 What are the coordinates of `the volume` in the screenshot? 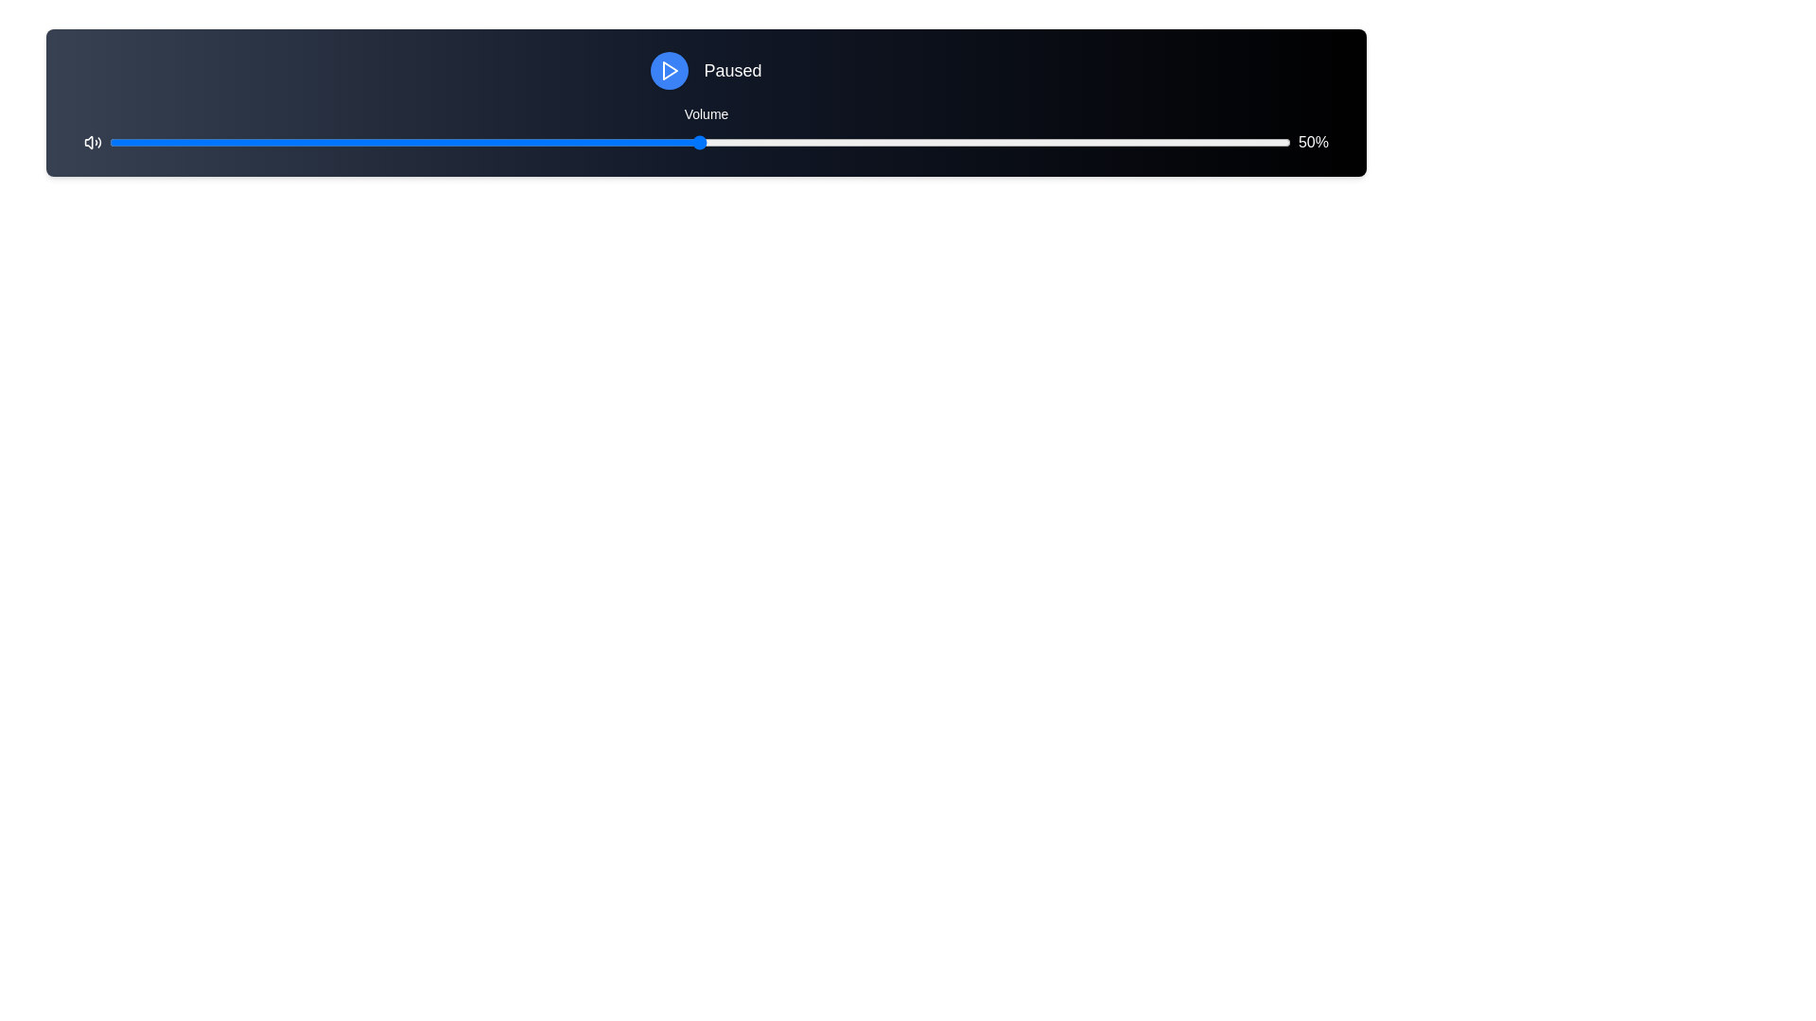 It's located at (699, 141).